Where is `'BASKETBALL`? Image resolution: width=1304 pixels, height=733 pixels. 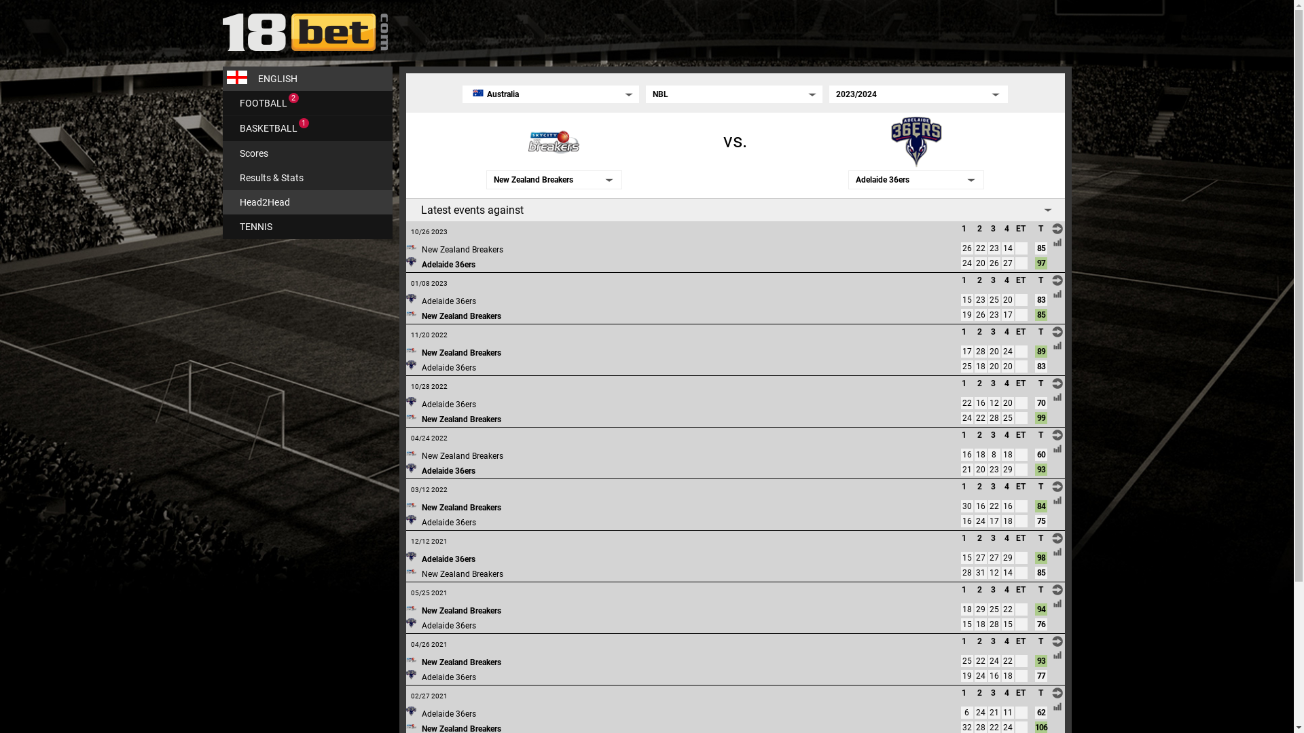
'BASKETBALL is located at coordinates (306, 128).